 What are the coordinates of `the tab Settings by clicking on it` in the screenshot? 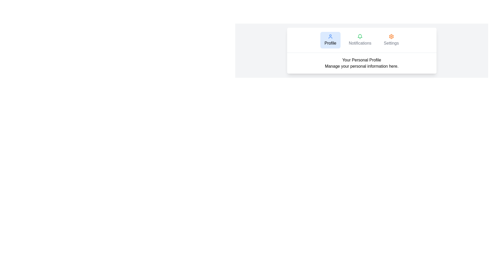 It's located at (391, 40).